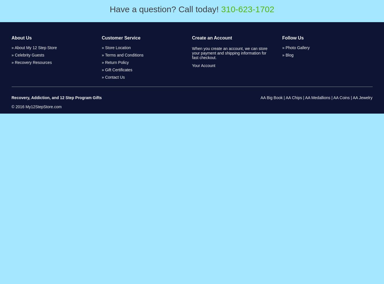  What do you see at coordinates (317, 97) in the screenshot?
I see `'AA Medallions'` at bounding box center [317, 97].